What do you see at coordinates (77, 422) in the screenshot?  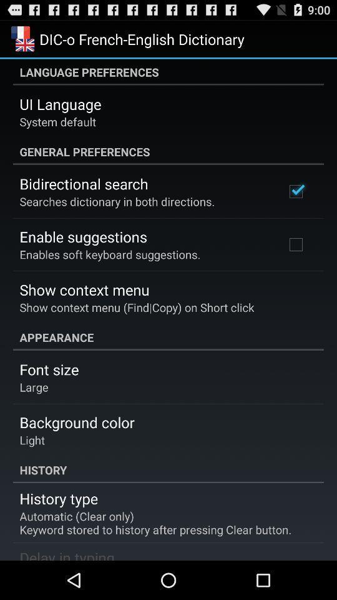 I see `item below the large` at bounding box center [77, 422].